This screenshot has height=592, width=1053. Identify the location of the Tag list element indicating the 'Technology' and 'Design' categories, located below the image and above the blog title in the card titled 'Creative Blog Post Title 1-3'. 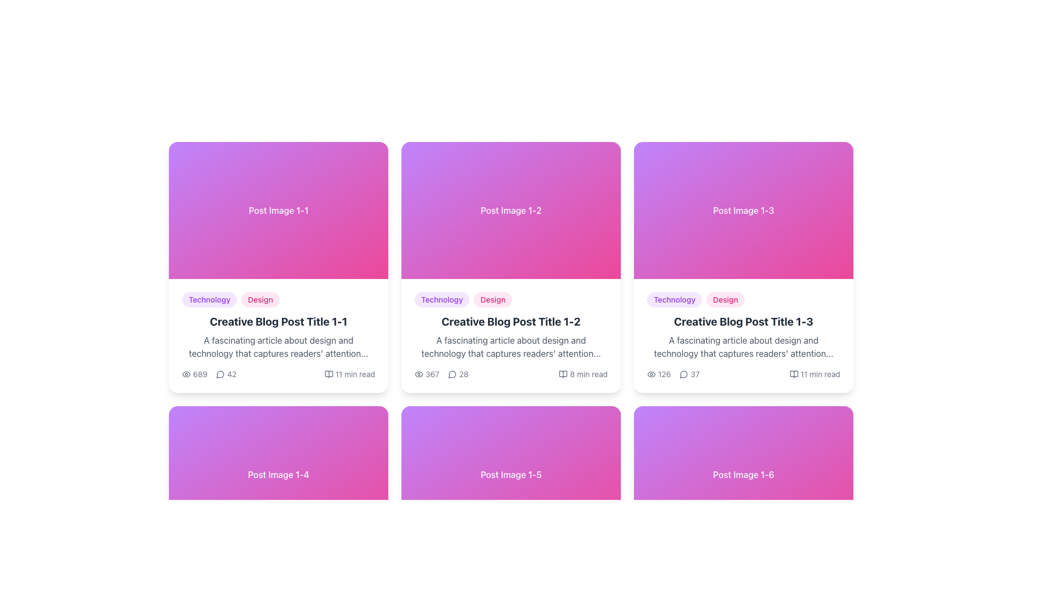
(744, 300).